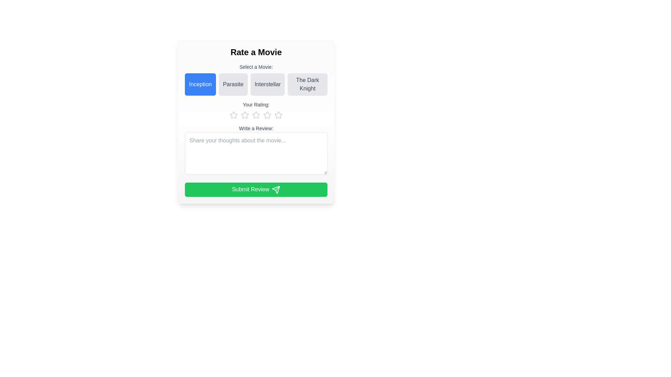 The width and height of the screenshot is (671, 377). What do you see at coordinates (276, 190) in the screenshot?
I see `the submission icon located inside the 'Submit Review' button` at bounding box center [276, 190].